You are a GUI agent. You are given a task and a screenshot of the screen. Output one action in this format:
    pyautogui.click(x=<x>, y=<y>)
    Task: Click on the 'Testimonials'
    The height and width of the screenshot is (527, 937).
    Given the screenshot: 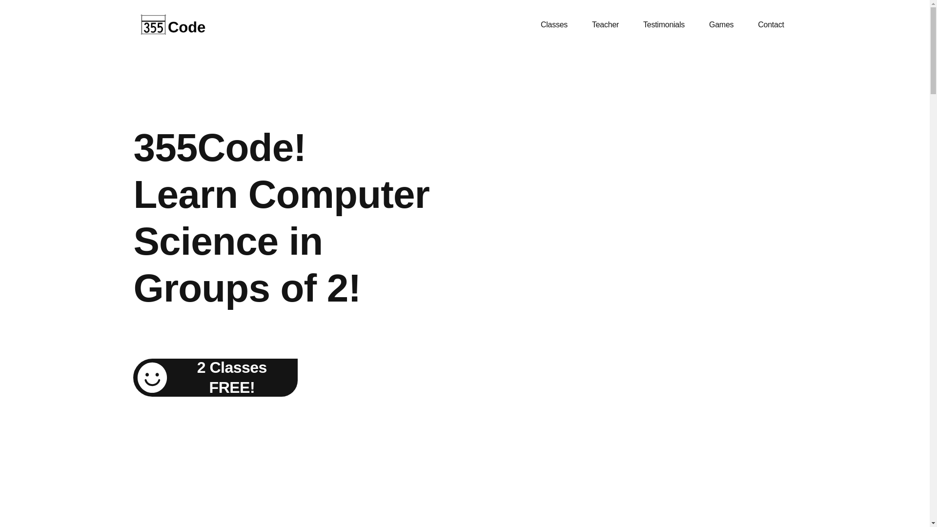 What is the action you would take?
    pyautogui.click(x=631, y=24)
    